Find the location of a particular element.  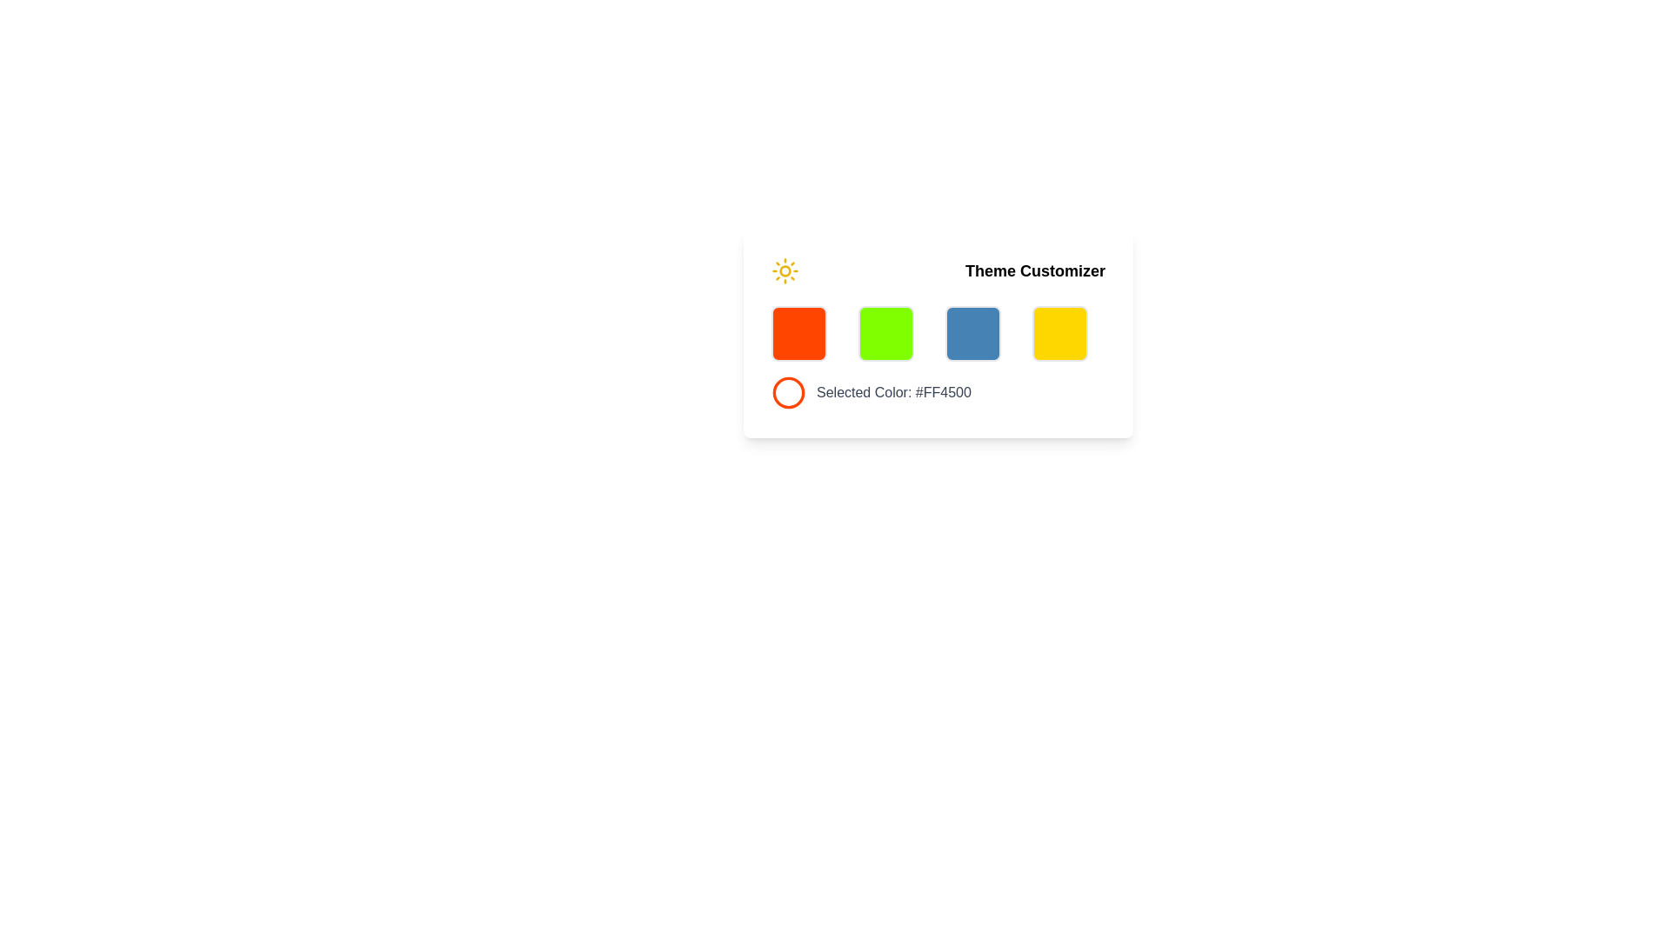

the blue square button with rounded corners located as the third element in a row of four, to trigger a visual response is located at coordinates (972, 334).